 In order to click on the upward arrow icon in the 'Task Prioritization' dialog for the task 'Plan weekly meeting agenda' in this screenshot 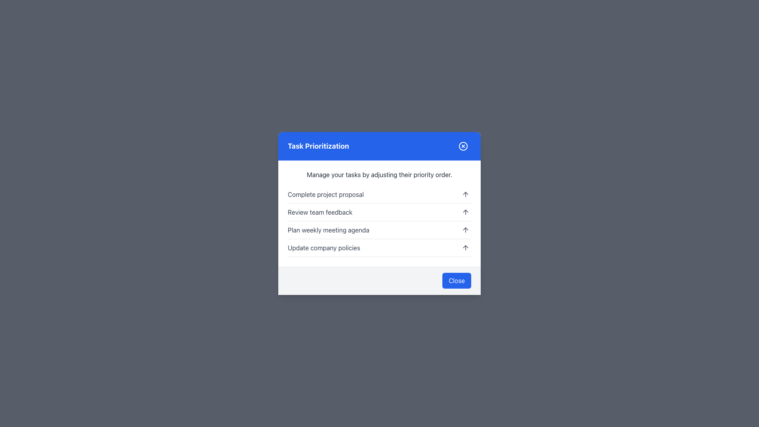, I will do `click(465, 230)`.